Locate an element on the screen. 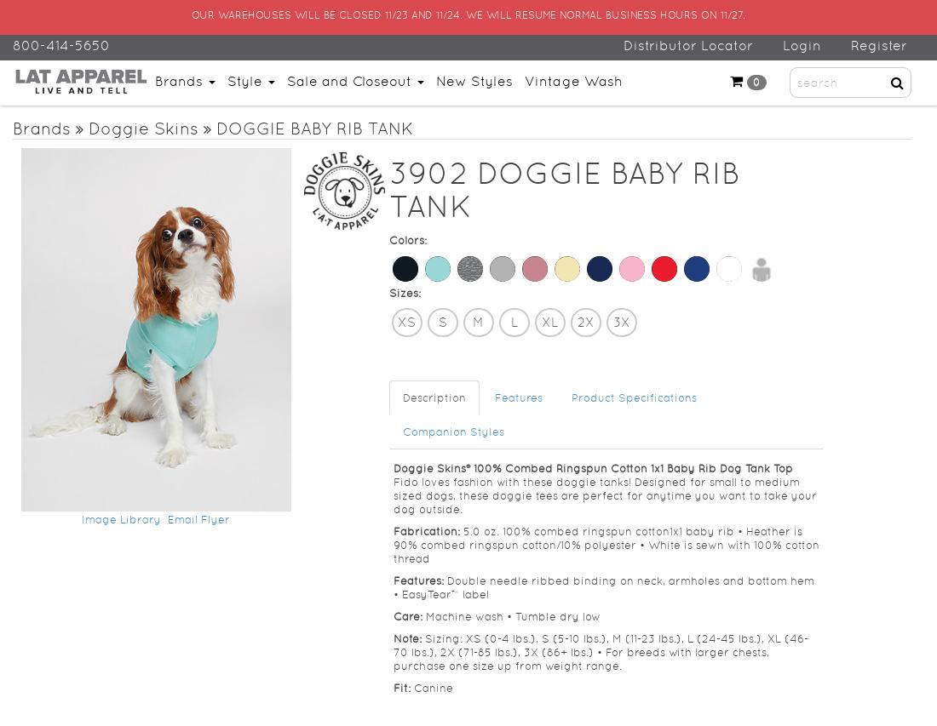 The width and height of the screenshot is (937, 726). 'Double needle ribbed binding on neck, armholes and bottom hem • EasyTear™ label' is located at coordinates (601, 586).